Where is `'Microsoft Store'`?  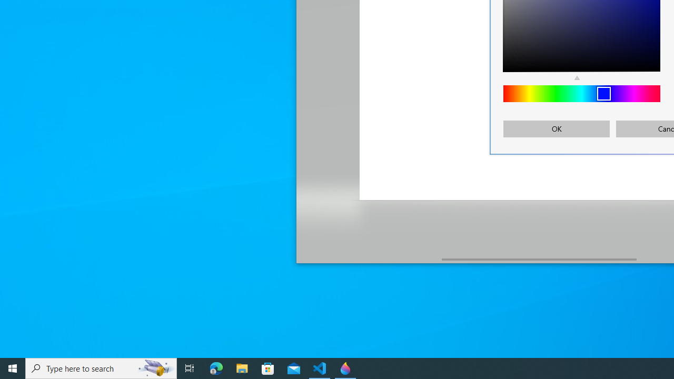
'Microsoft Store' is located at coordinates (268, 367).